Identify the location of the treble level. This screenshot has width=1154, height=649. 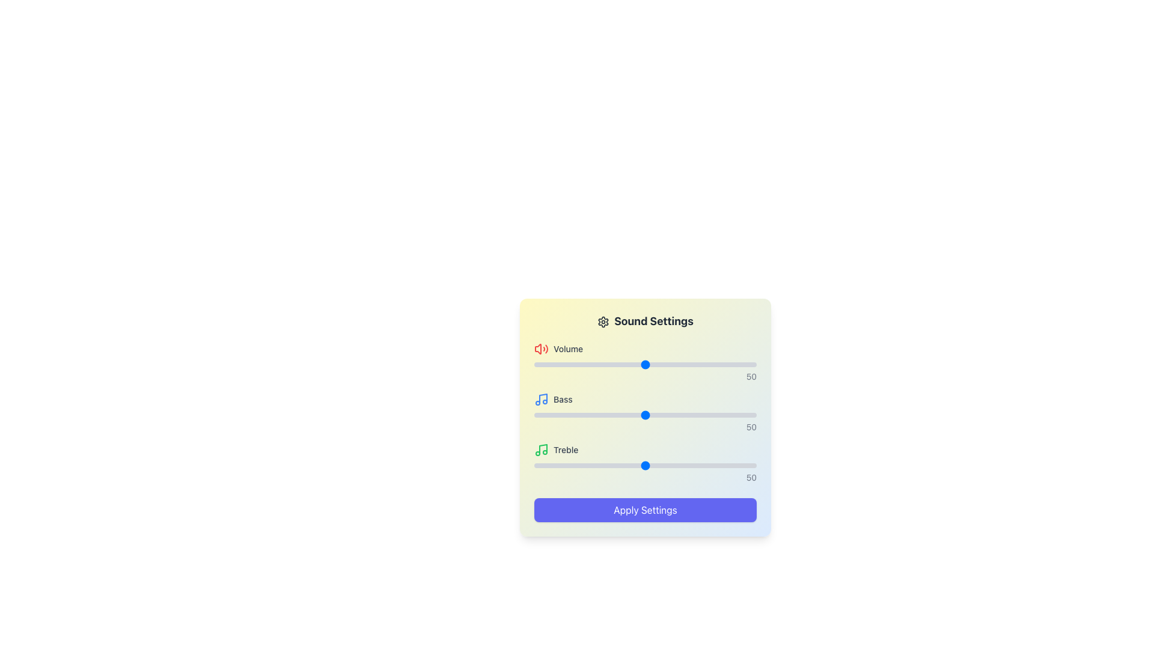
(731, 465).